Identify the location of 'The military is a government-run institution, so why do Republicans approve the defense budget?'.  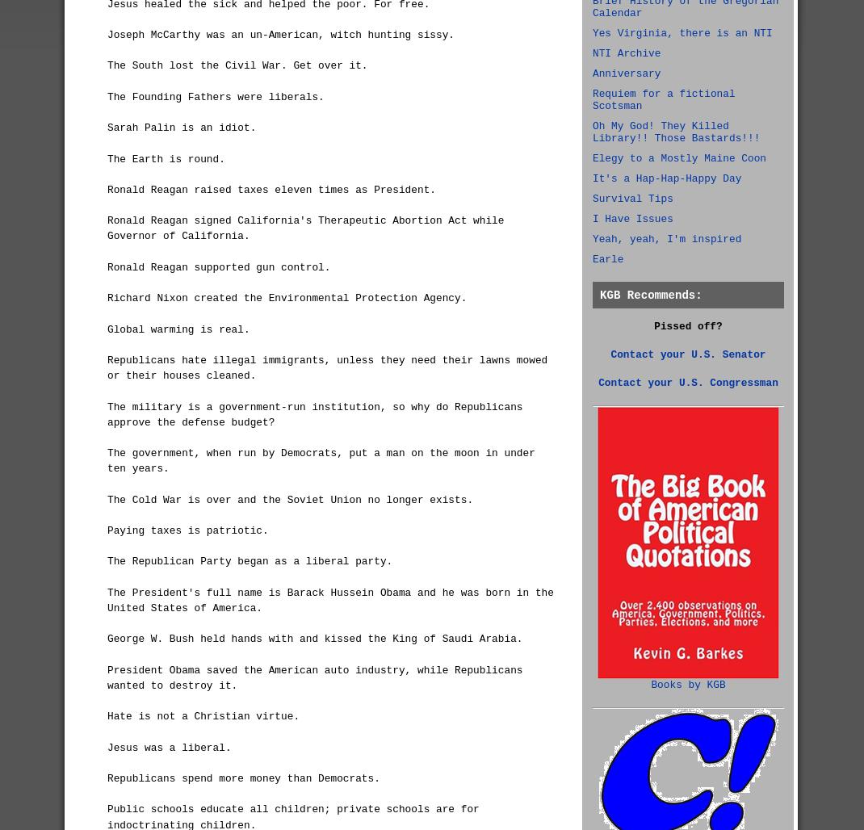
(107, 413).